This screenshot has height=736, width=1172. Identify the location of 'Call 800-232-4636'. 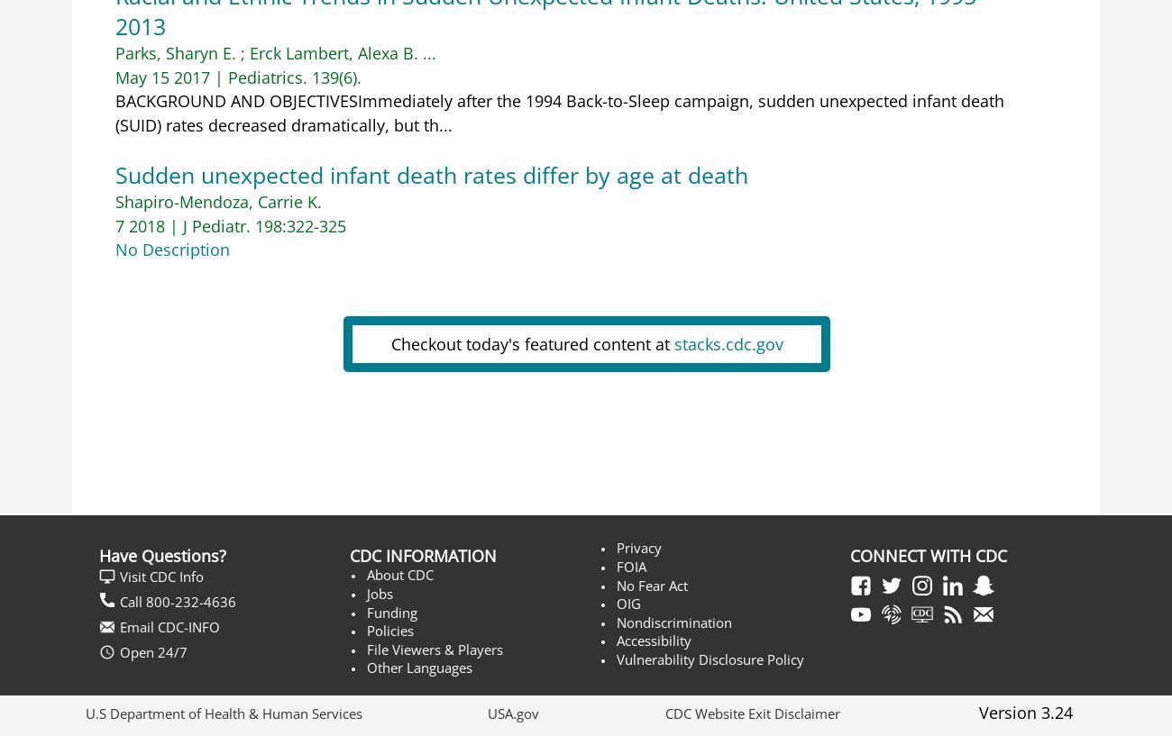
(118, 600).